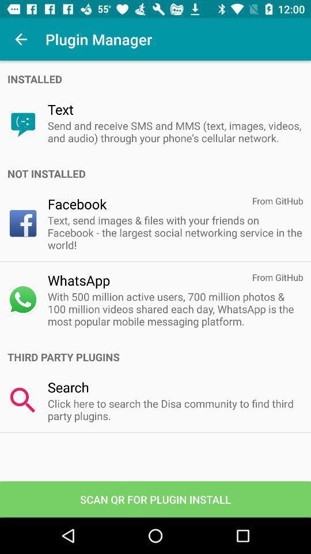 This screenshot has height=554, width=311. I want to click on the not installed icon, so click(158, 174).